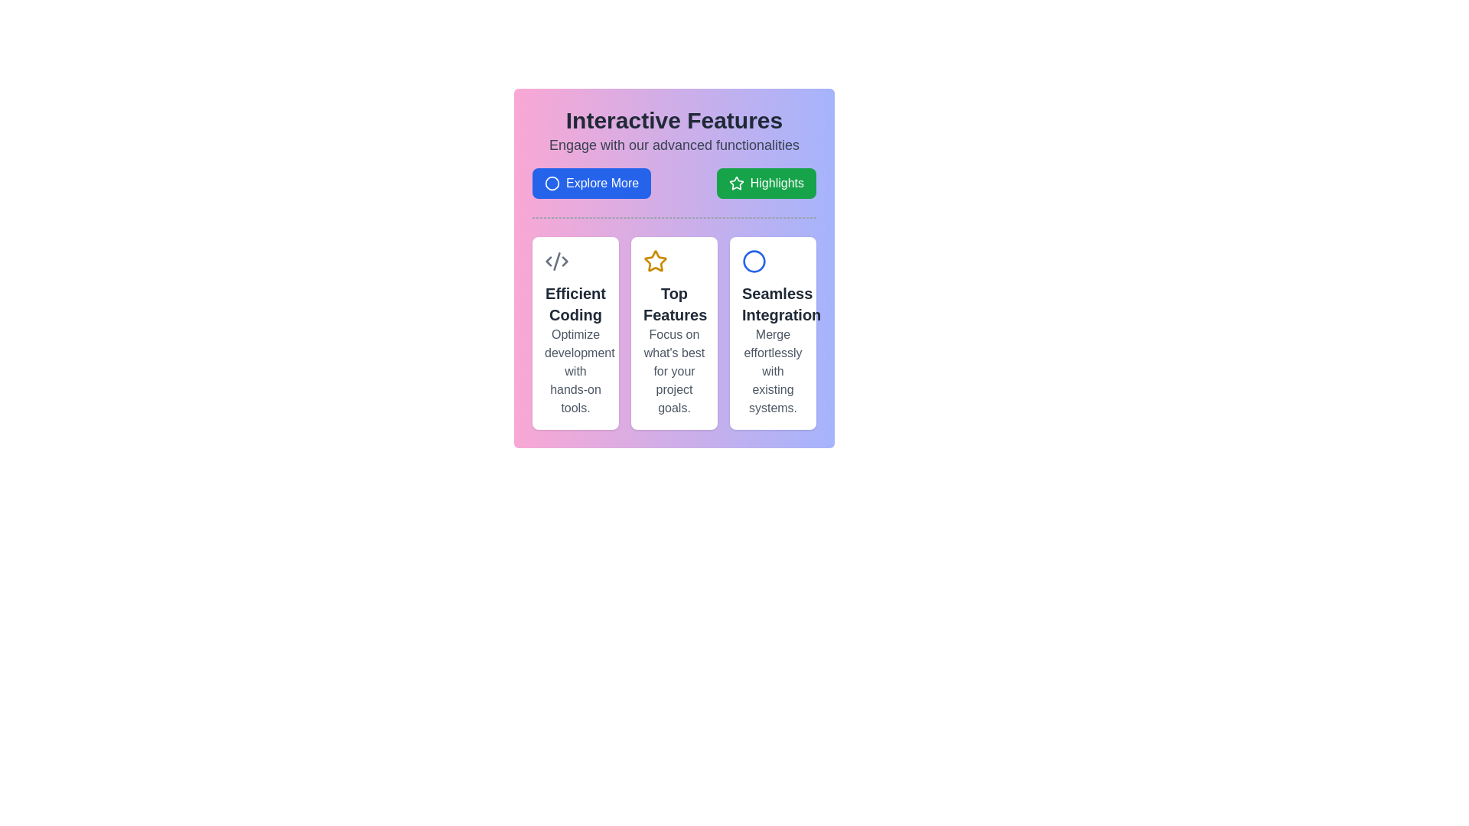 The image size is (1469, 826). Describe the element at coordinates (575, 332) in the screenshot. I see `text content of the Informational card, which is the first column in the grid layout, positioned to the far left and contains a brief description and an icon for efficient coding tools` at that location.